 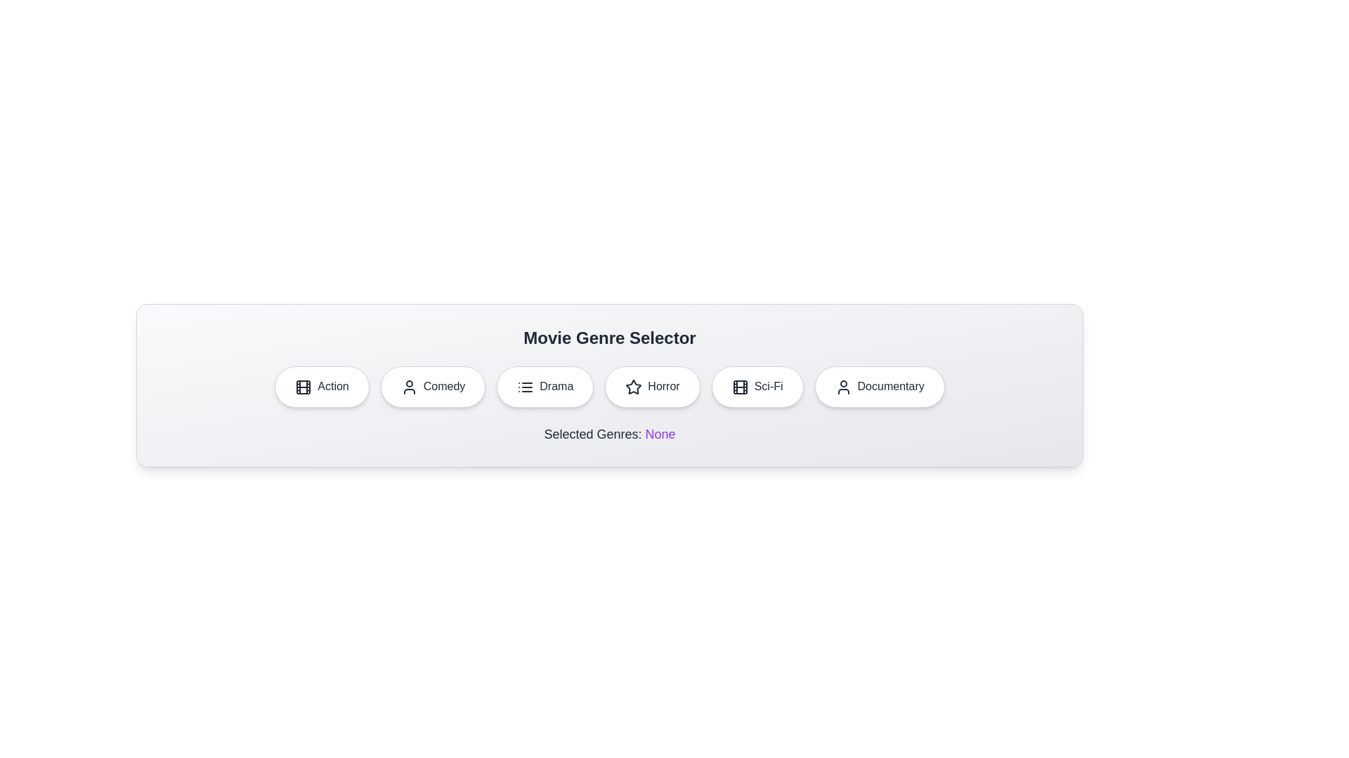 I want to click on the details of the decorative icon representing the Sci-Fi genre, which is the film strip icon located within the fifth button of the genre selection buttons, so click(x=739, y=387).